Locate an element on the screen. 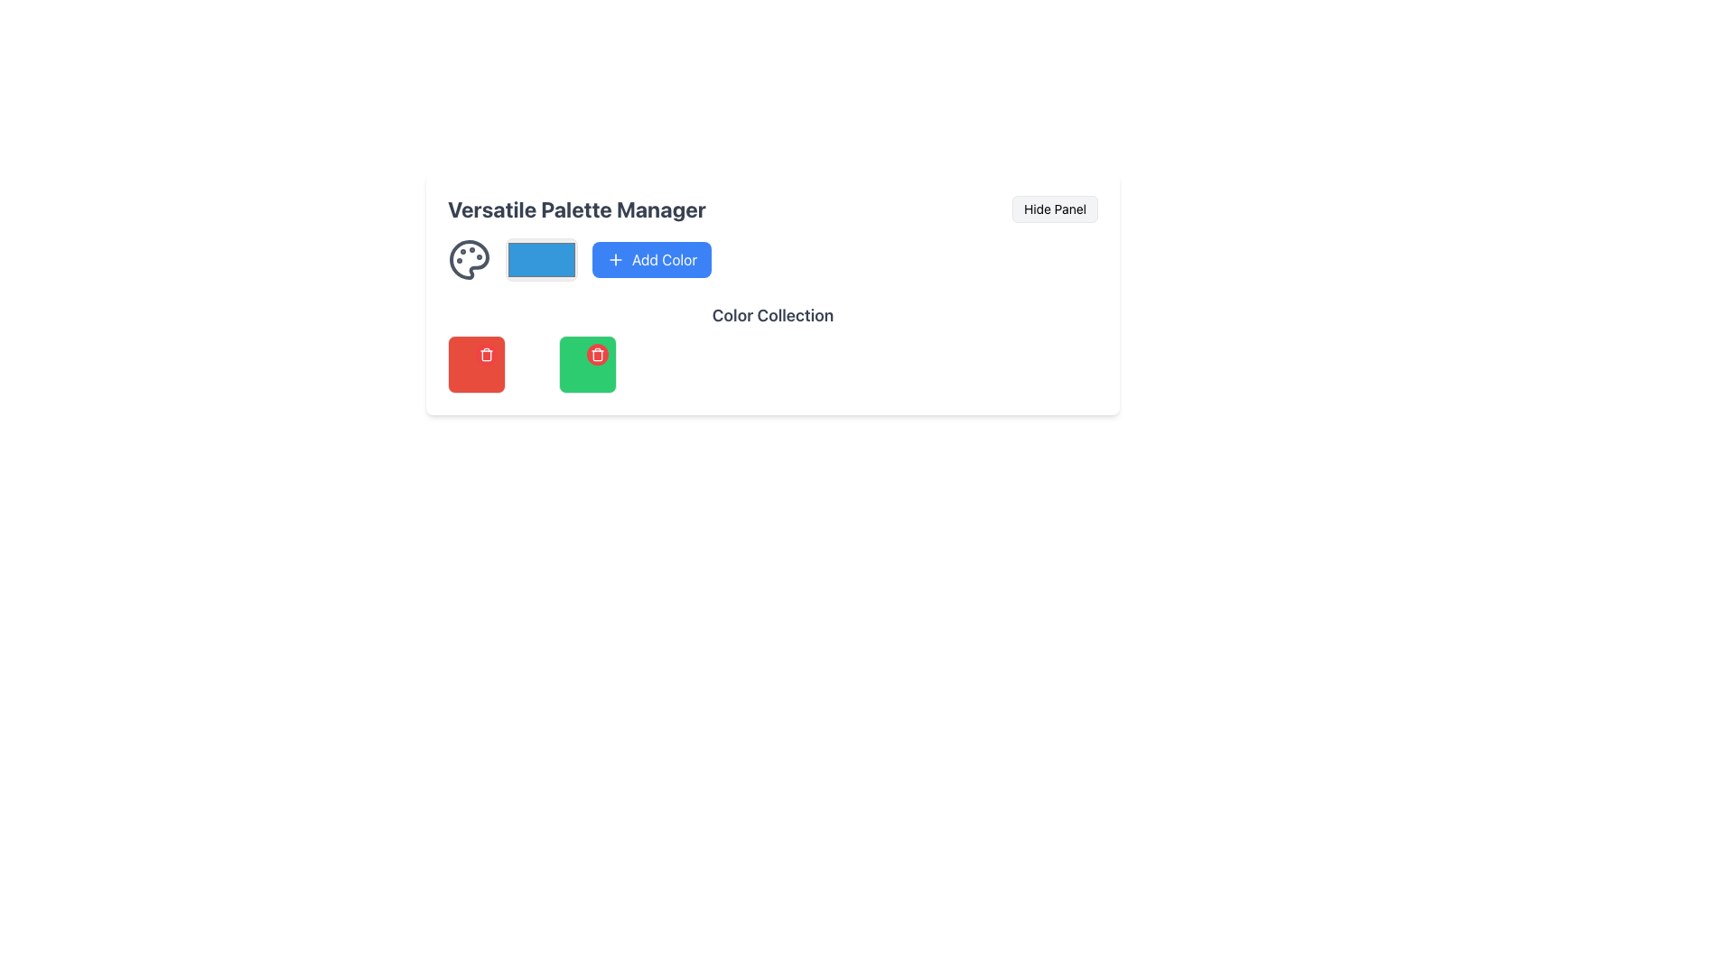  the text label 'Versatile Palette Manager', which is styled in bold dark gray against a light background and serves as a title header is located at coordinates (575, 208).